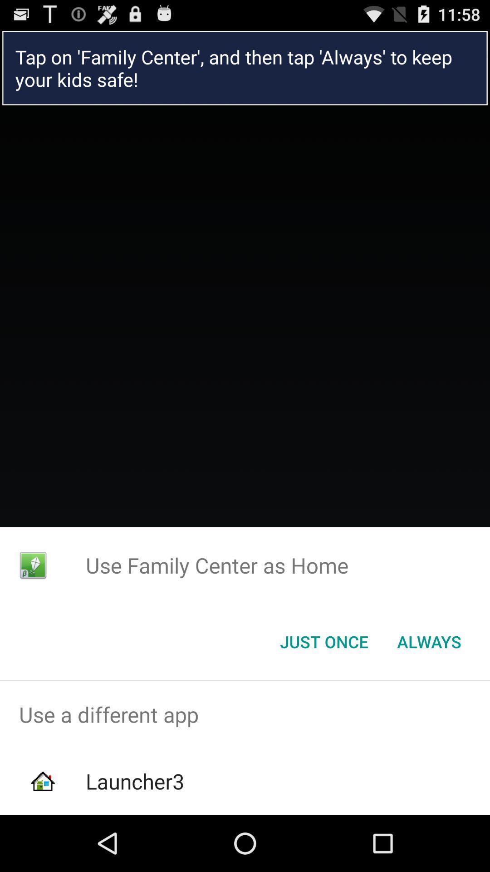  I want to click on just once, so click(323, 641).